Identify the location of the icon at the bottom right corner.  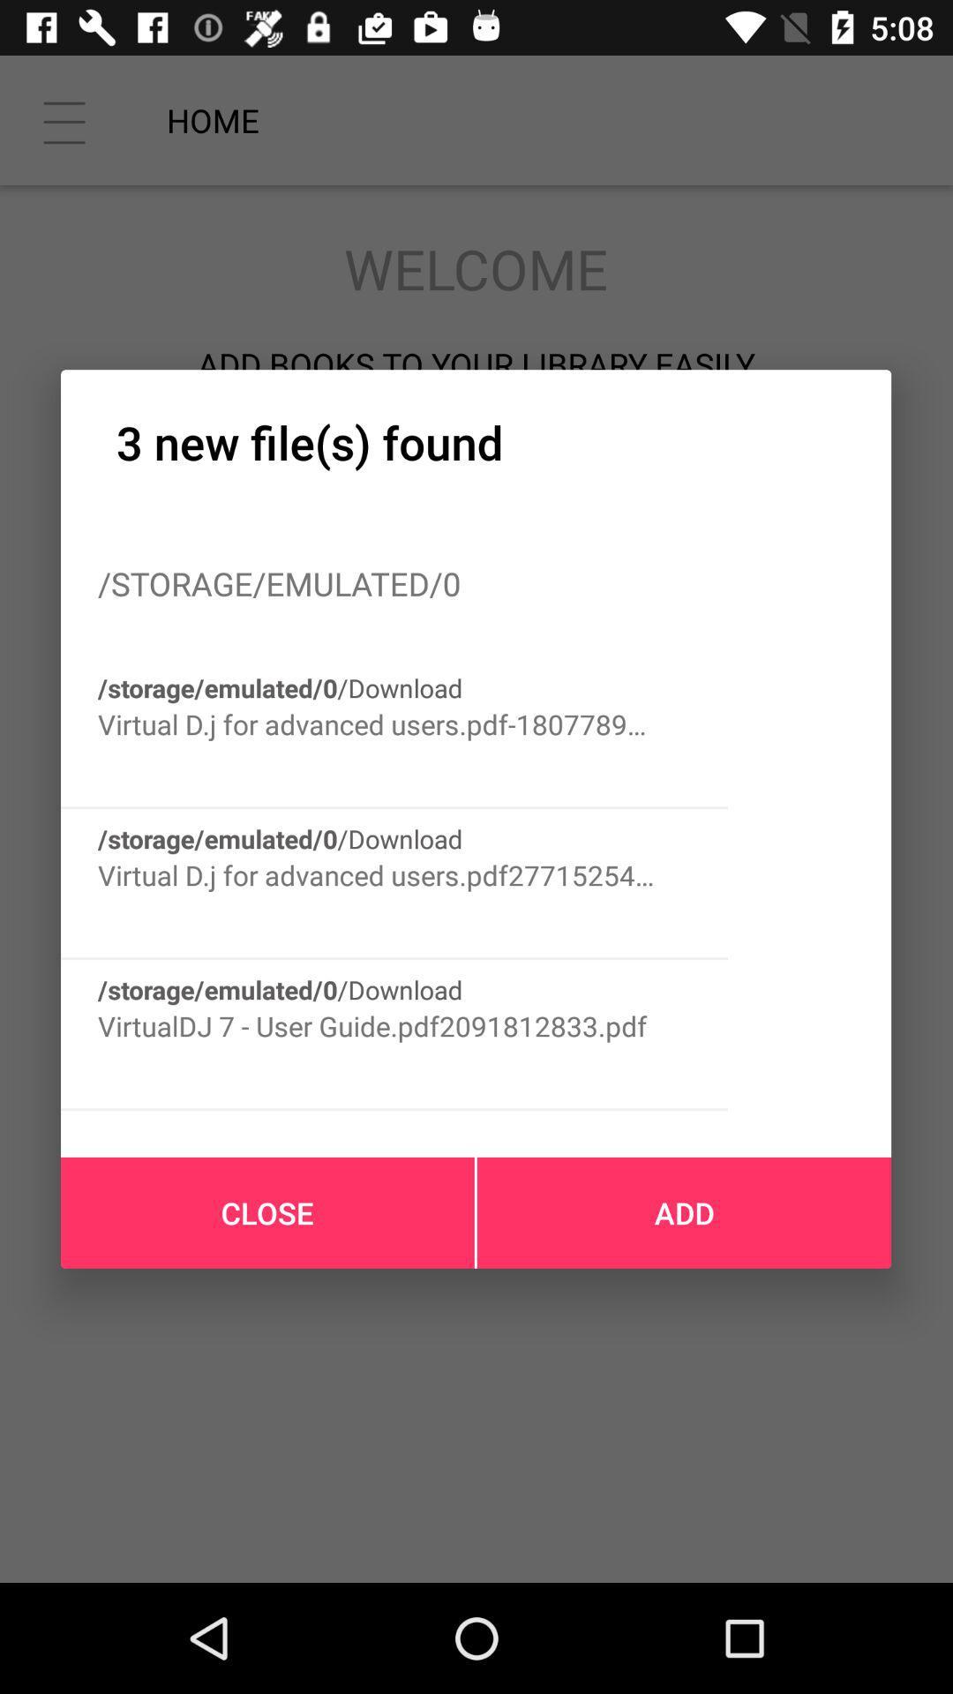
(683, 1211).